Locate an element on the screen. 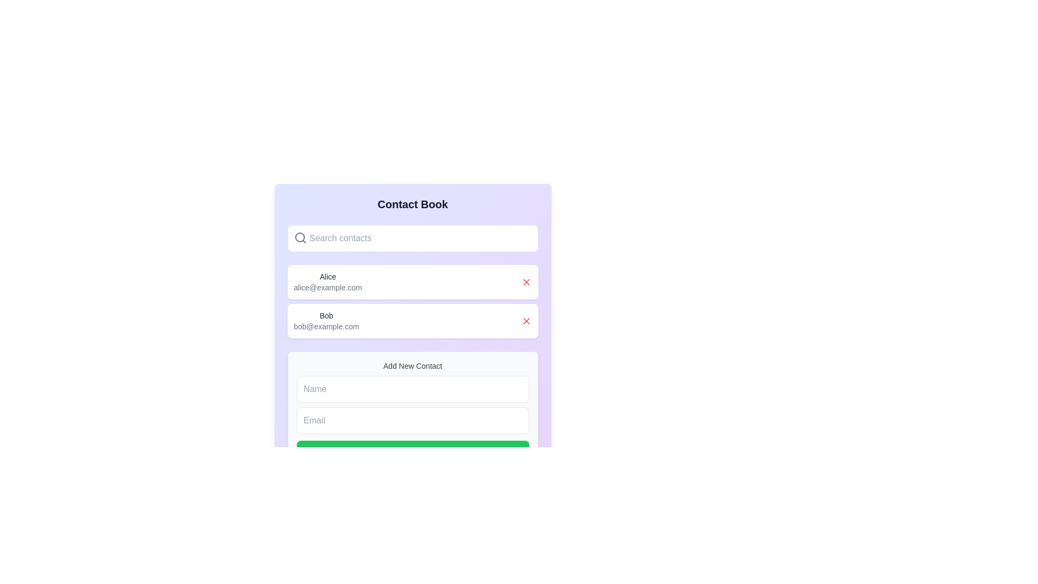  the email input field located within the 'Add New Contact' section to focus on it is located at coordinates (412, 420).